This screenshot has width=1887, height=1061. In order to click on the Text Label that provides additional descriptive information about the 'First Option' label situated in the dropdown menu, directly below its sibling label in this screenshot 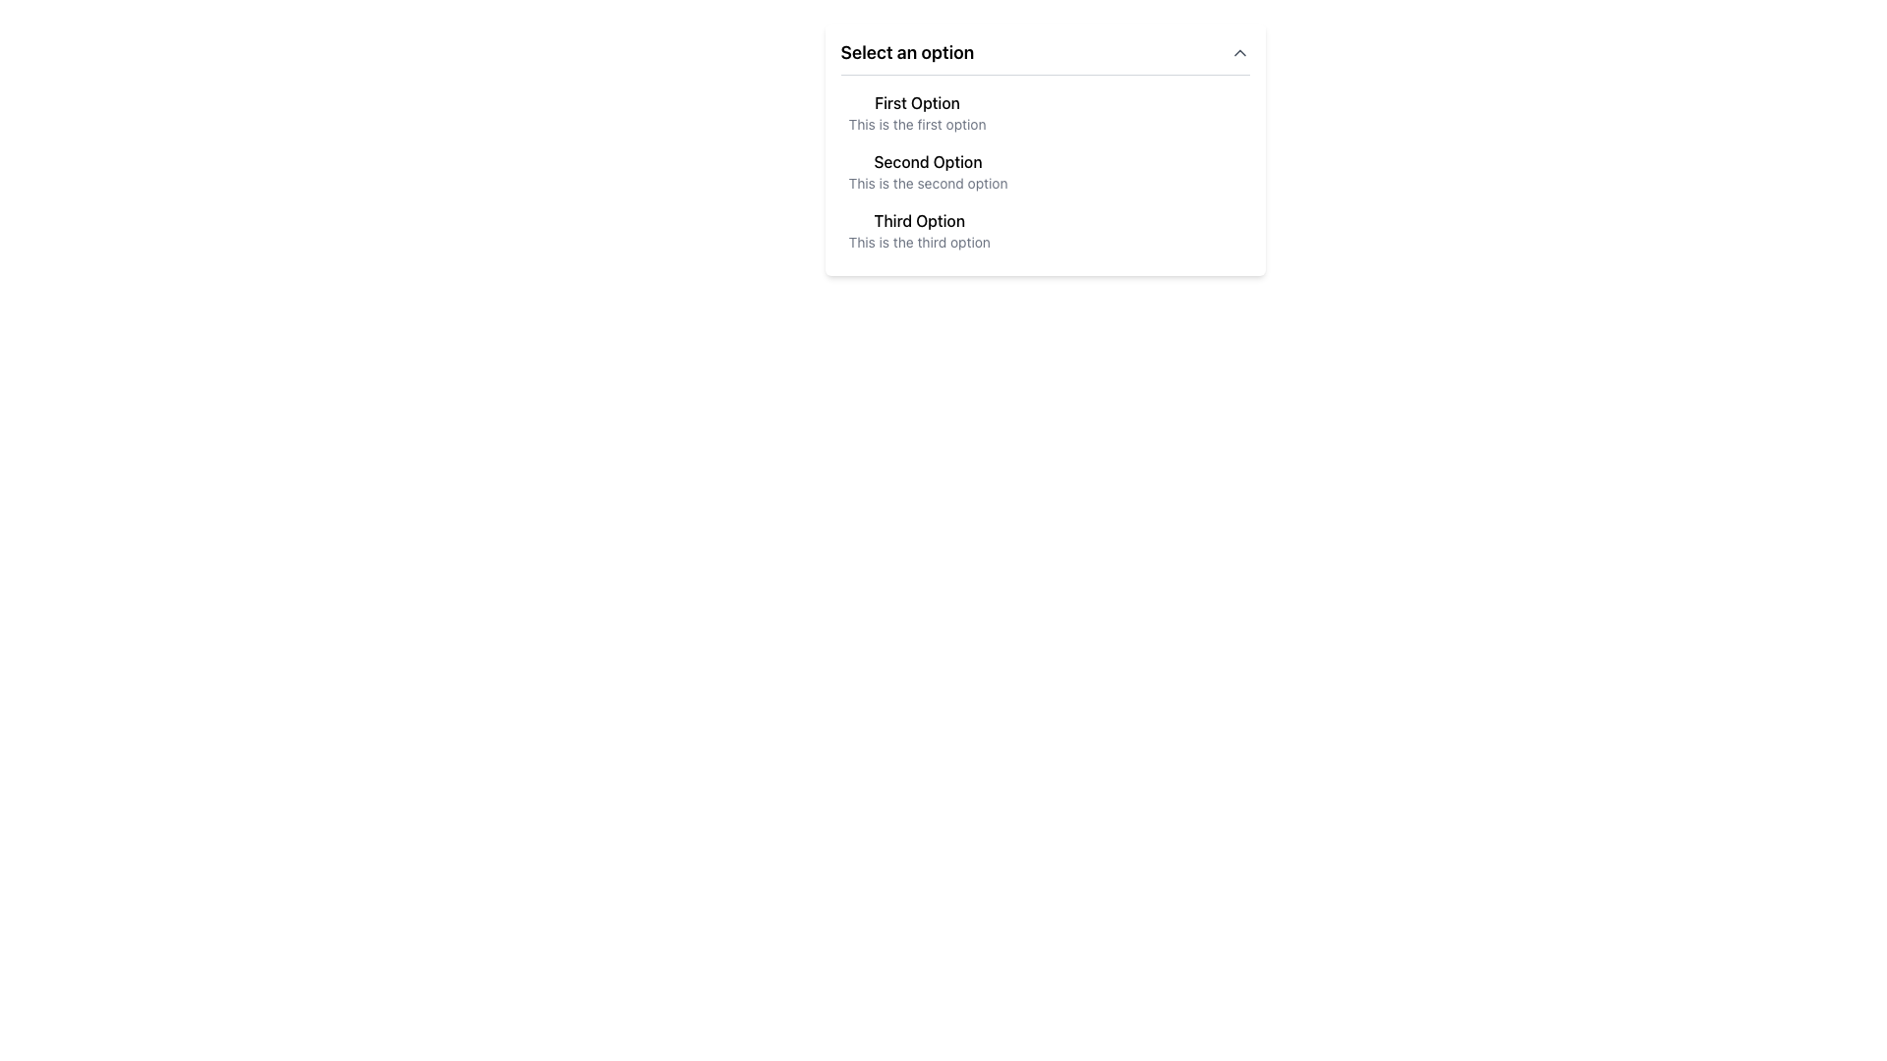, I will do `click(916, 125)`.